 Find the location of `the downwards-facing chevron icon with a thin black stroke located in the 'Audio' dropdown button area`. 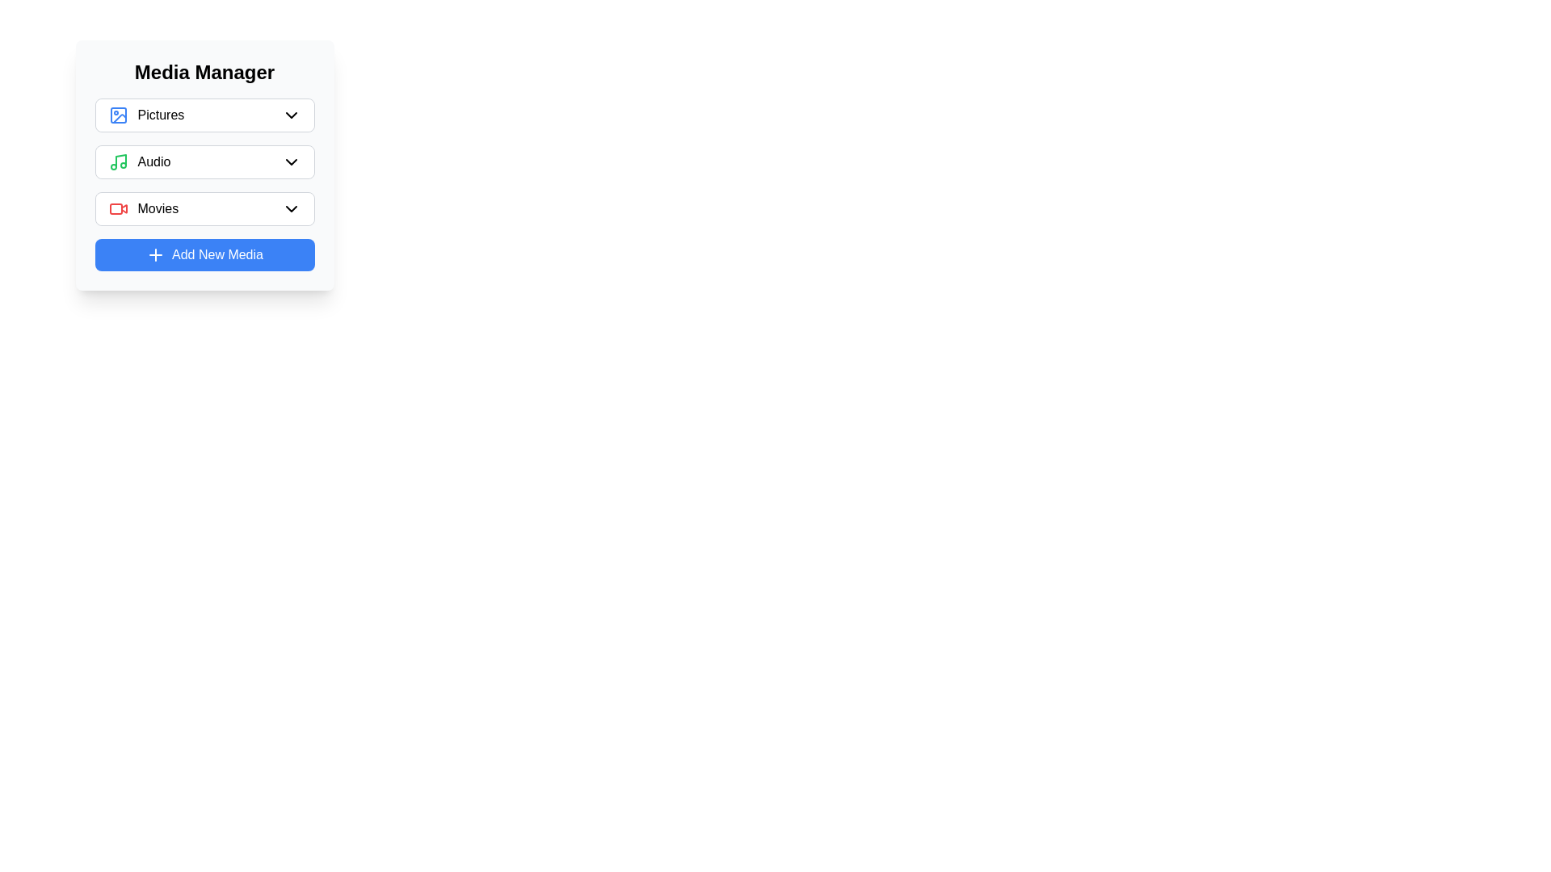

the downwards-facing chevron icon with a thin black stroke located in the 'Audio' dropdown button area is located at coordinates (291, 161).